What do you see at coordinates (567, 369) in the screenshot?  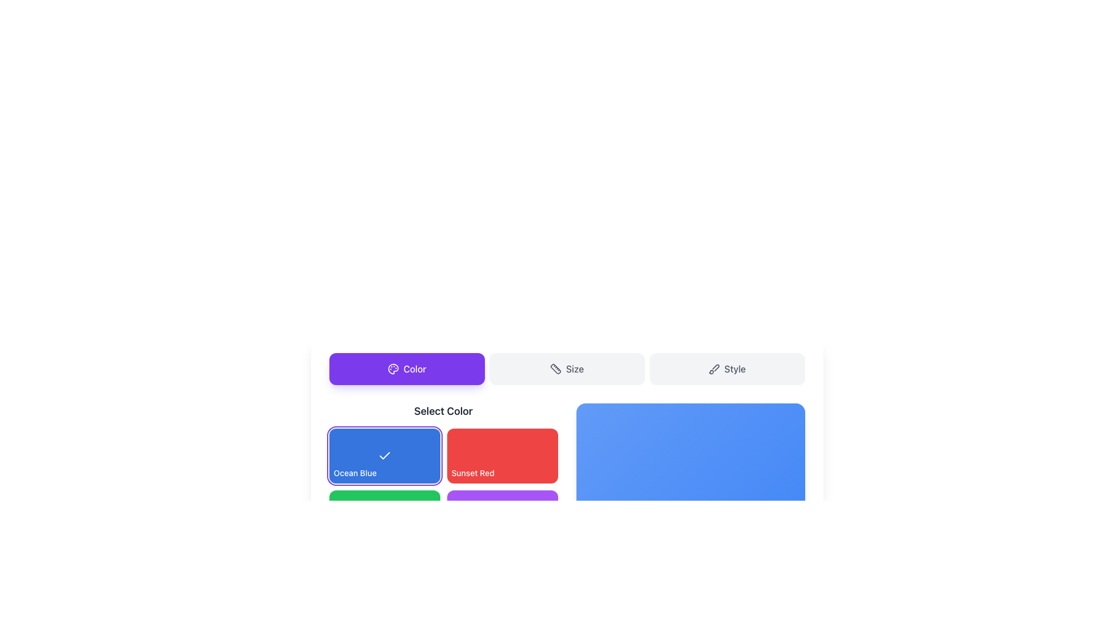 I see `the 'Size' button in the navigation bar` at bounding box center [567, 369].